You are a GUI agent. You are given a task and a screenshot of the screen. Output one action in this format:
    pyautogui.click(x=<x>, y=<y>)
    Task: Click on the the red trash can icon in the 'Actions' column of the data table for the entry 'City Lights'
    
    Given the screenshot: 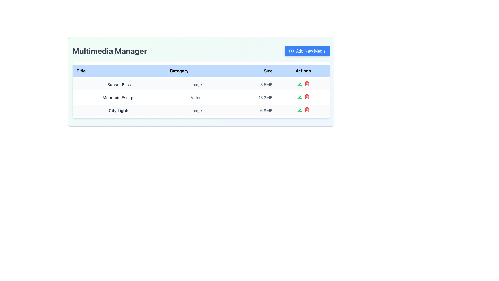 What is the action you would take?
    pyautogui.click(x=307, y=109)
    